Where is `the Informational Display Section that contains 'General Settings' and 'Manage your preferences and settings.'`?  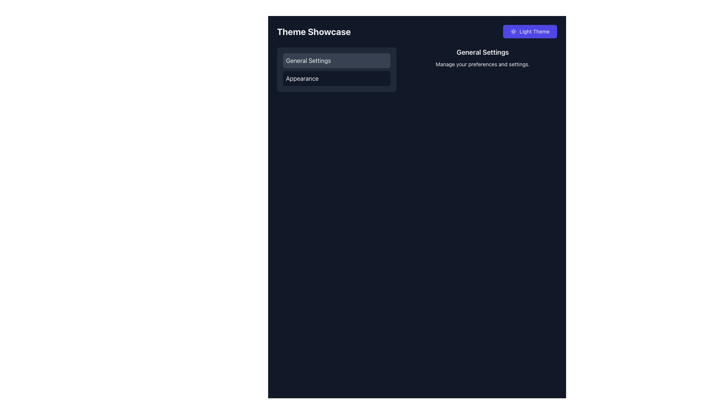 the Informational Display Section that contains 'General Settings' and 'Manage your preferences and settings.' is located at coordinates (417, 69).